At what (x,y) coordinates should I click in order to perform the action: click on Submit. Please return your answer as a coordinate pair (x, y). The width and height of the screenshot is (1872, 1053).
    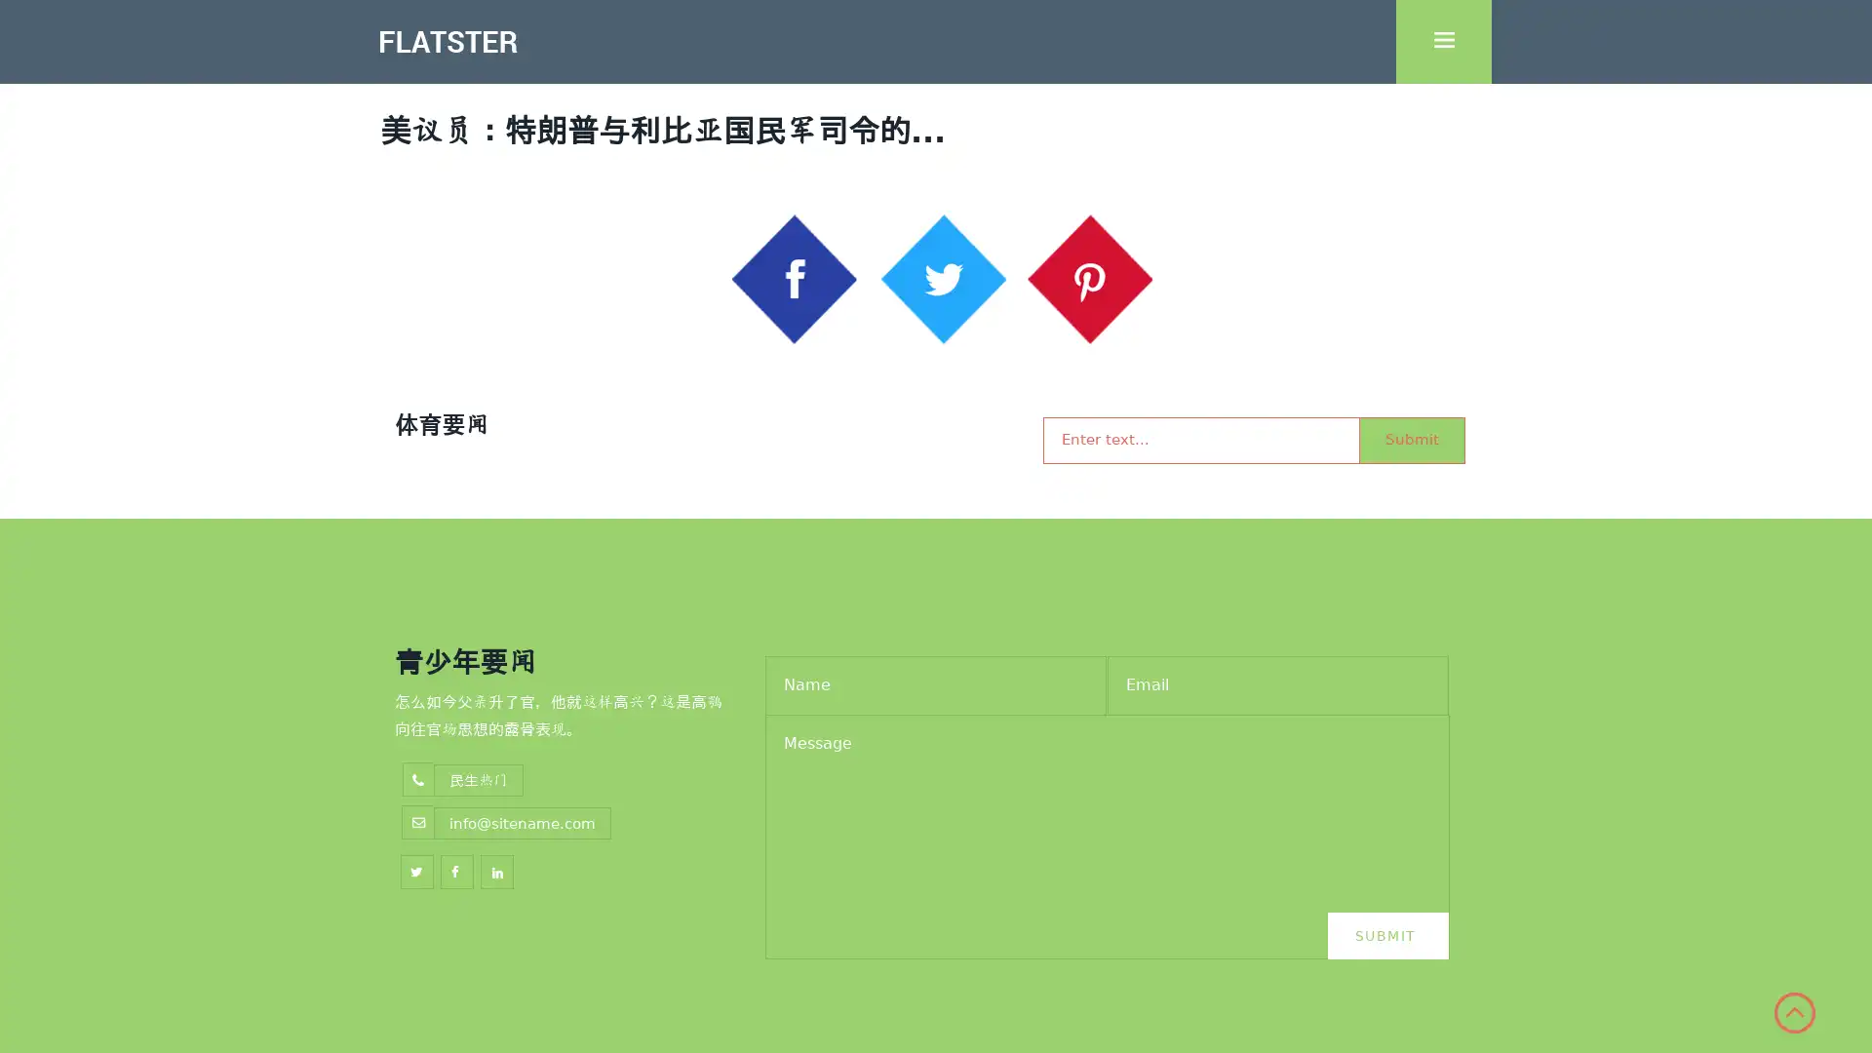
    Looking at the image, I should click on (1386, 934).